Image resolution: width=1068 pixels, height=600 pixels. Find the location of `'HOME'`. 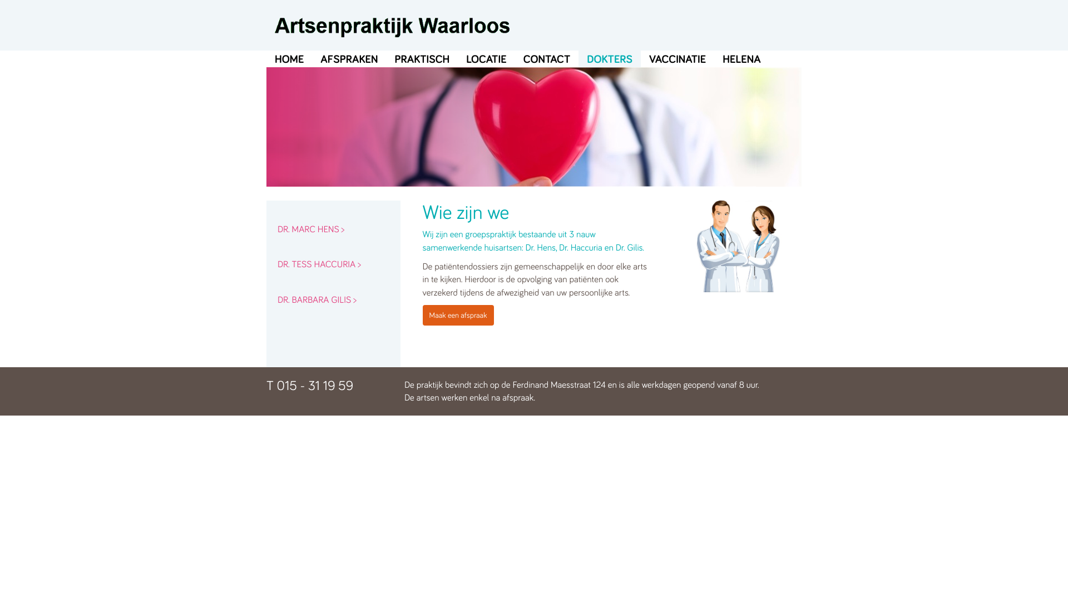

'HOME' is located at coordinates (289, 58).